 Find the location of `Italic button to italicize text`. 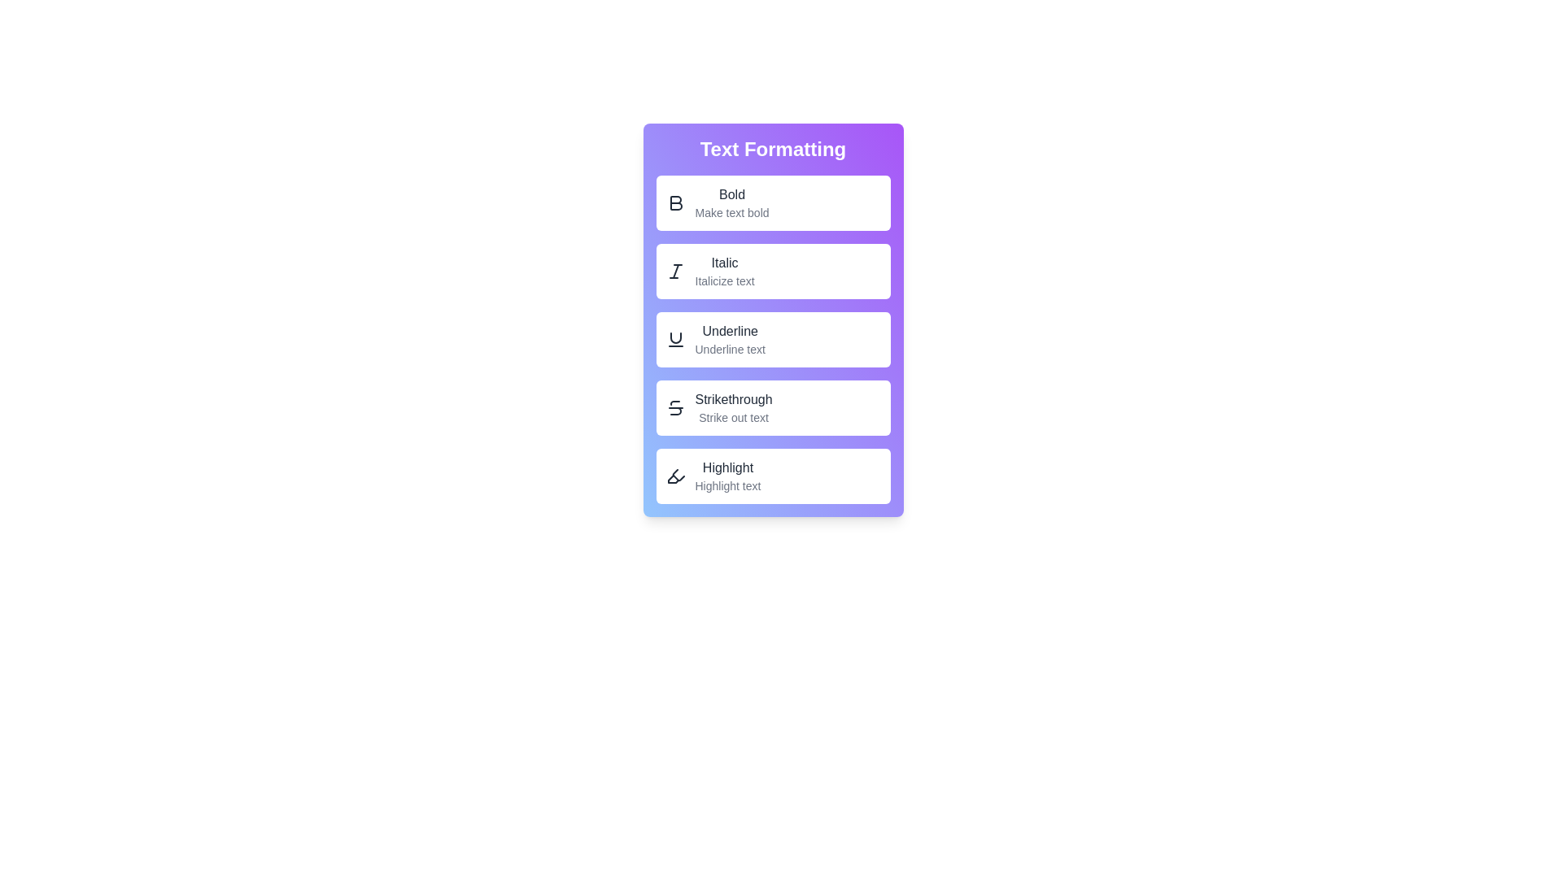

Italic button to italicize text is located at coordinates (675, 271).